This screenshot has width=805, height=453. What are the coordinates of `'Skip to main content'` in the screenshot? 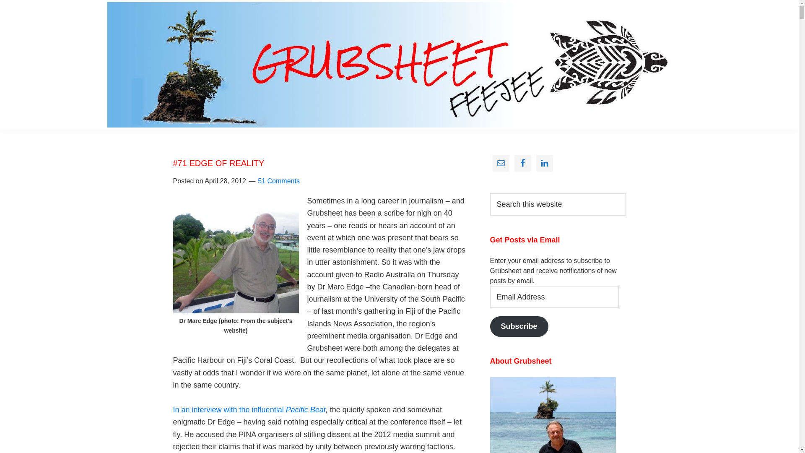 It's located at (0, 0).